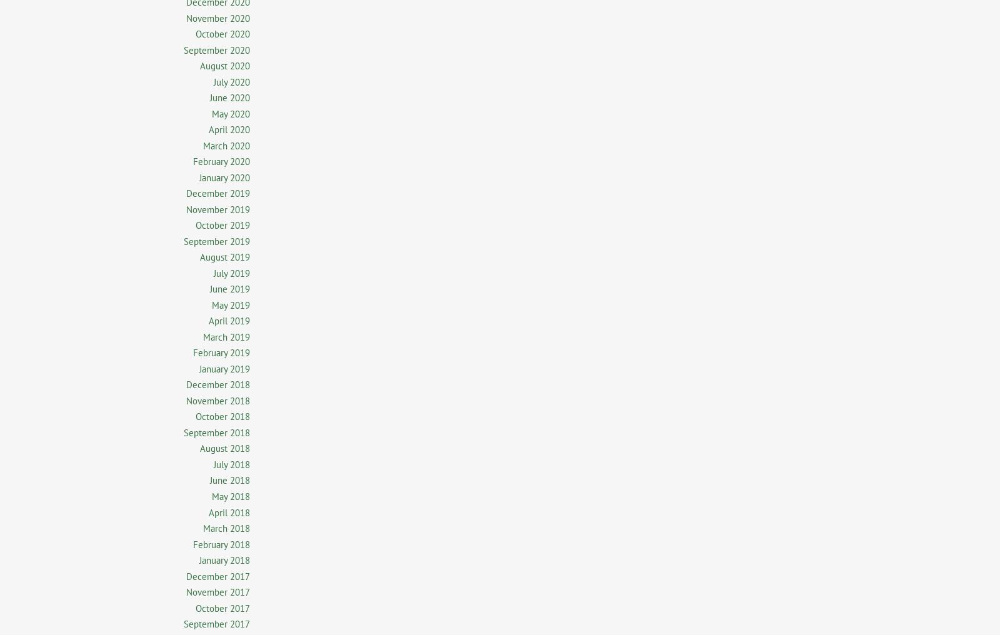 This screenshot has height=635, width=1000. What do you see at coordinates (186, 209) in the screenshot?
I see `'November 2019'` at bounding box center [186, 209].